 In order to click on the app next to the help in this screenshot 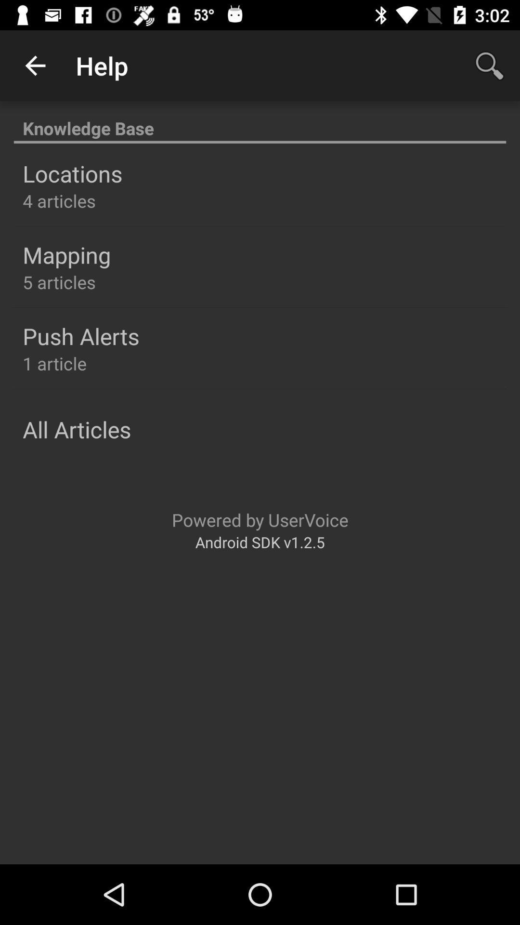, I will do `click(35, 65)`.